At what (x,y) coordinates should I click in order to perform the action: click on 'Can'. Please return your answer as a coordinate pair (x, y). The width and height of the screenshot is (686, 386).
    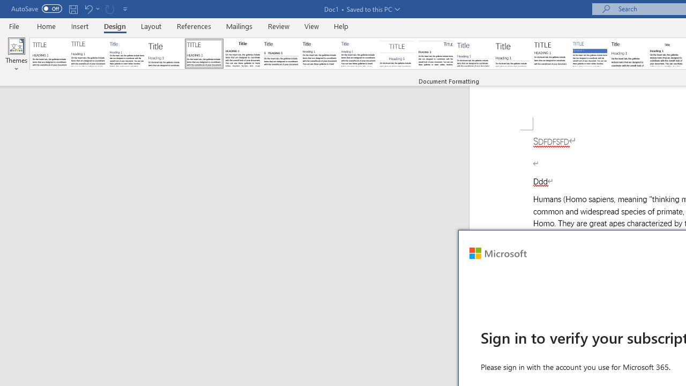
    Looking at the image, I should click on (109, 9).